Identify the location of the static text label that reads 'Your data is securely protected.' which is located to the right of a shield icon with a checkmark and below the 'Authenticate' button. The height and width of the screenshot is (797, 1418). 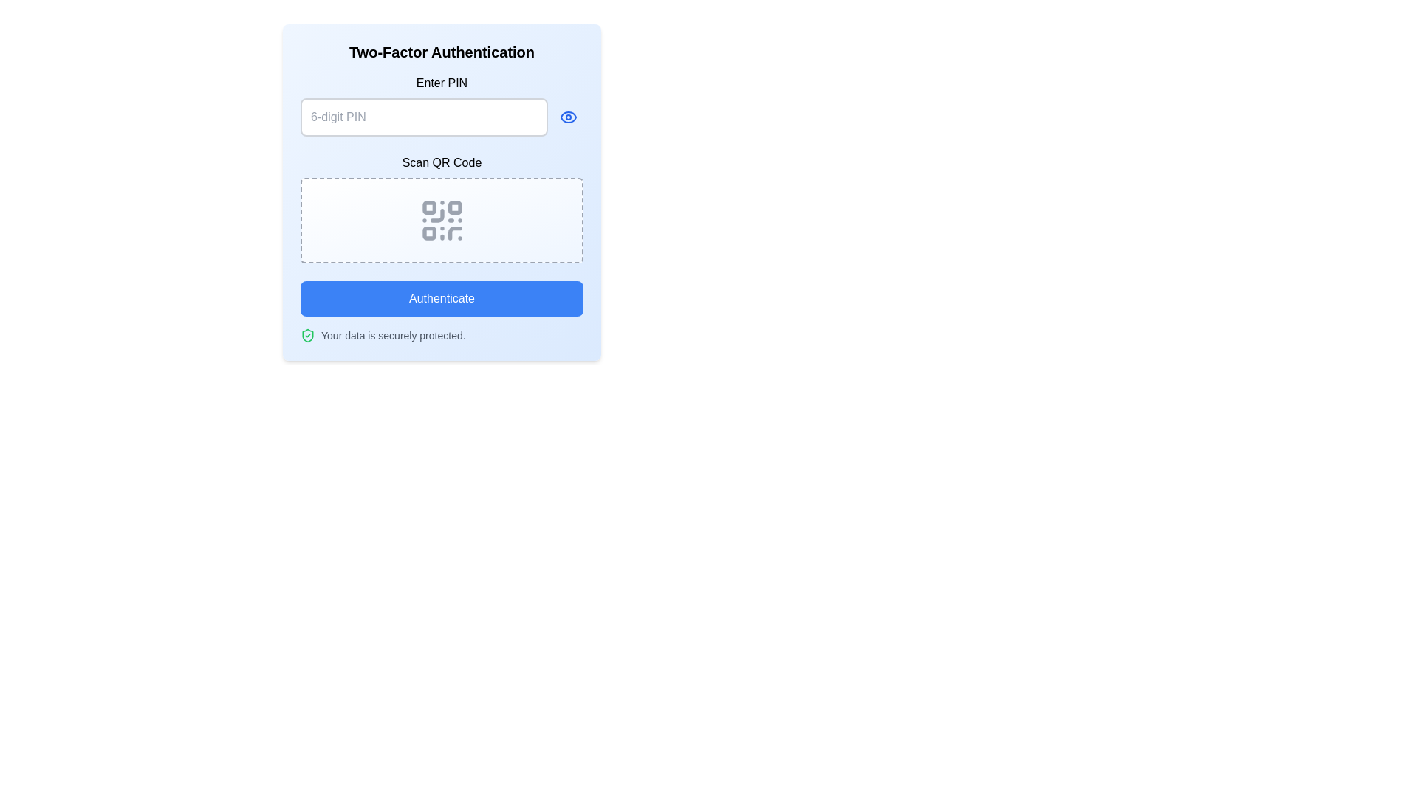
(393, 336).